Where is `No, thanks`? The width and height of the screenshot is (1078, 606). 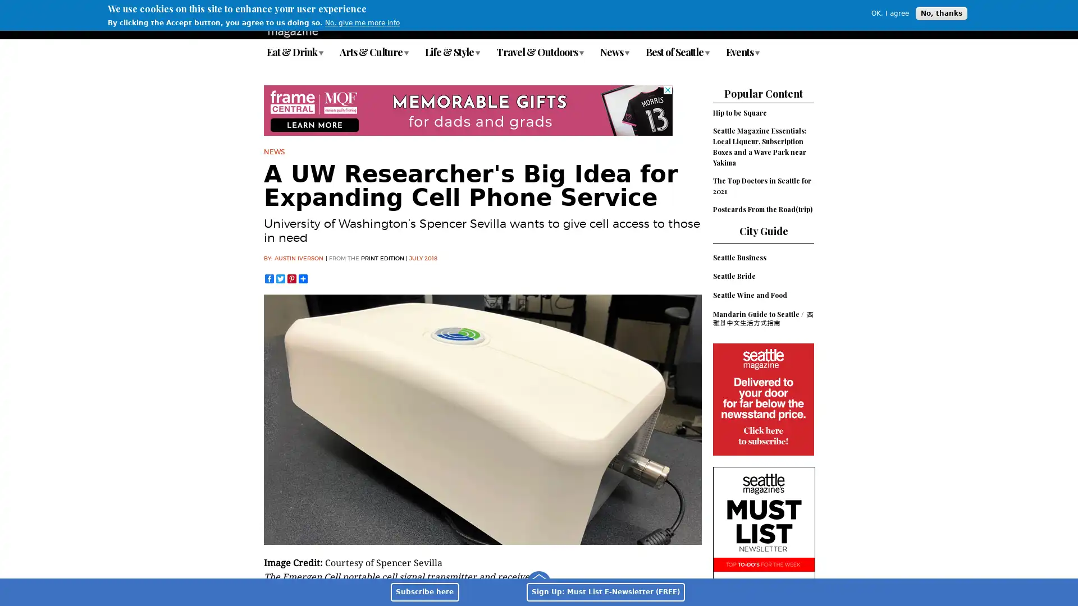
No, thanks is located at coordinates (941, 13).